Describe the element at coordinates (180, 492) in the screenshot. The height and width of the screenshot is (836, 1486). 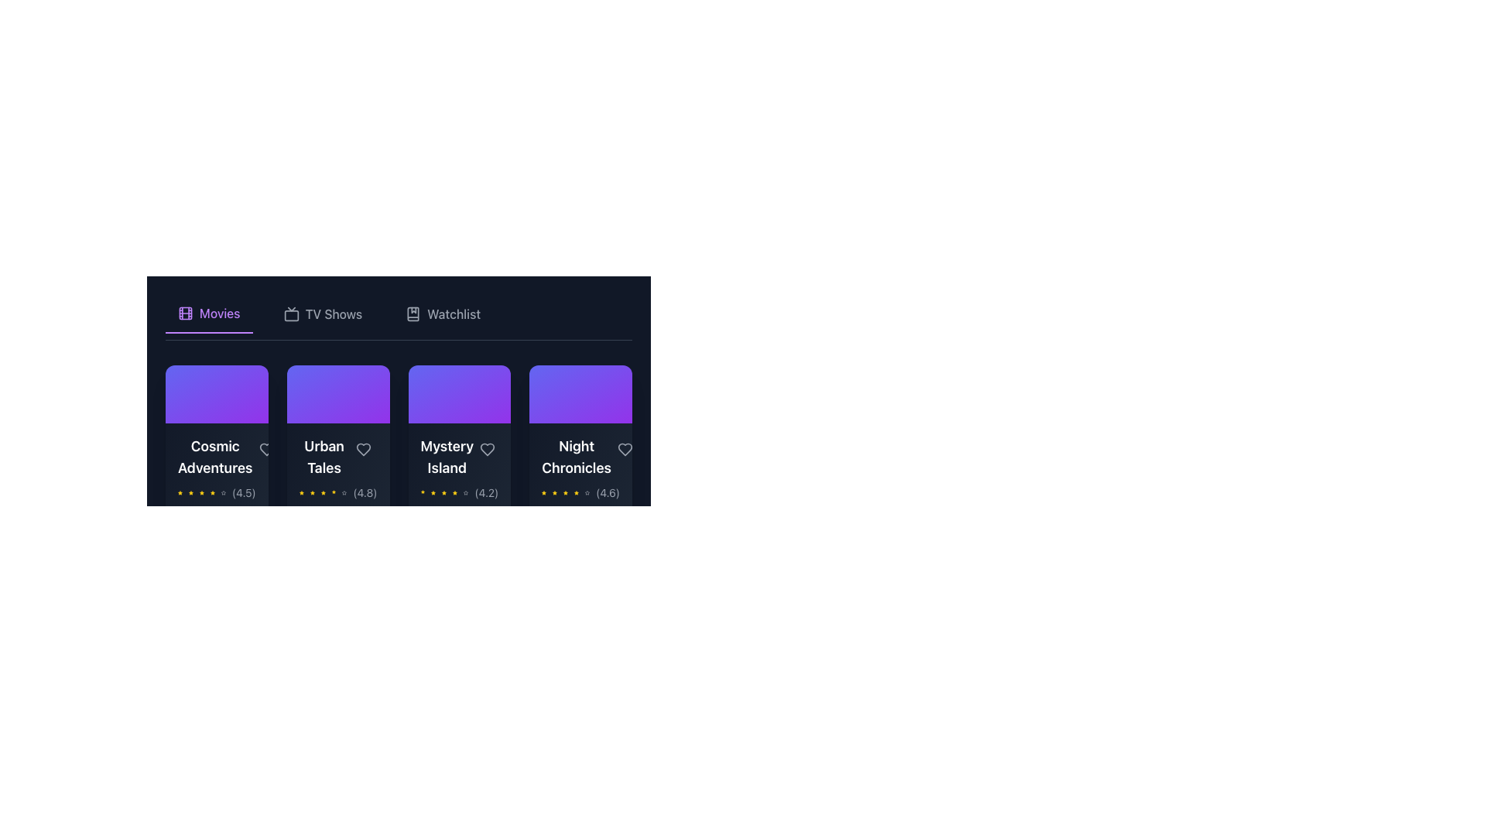
I see `the first star icon in the rating score for 'Cosmic Adventures' located in the 'Movies' section` at that location.